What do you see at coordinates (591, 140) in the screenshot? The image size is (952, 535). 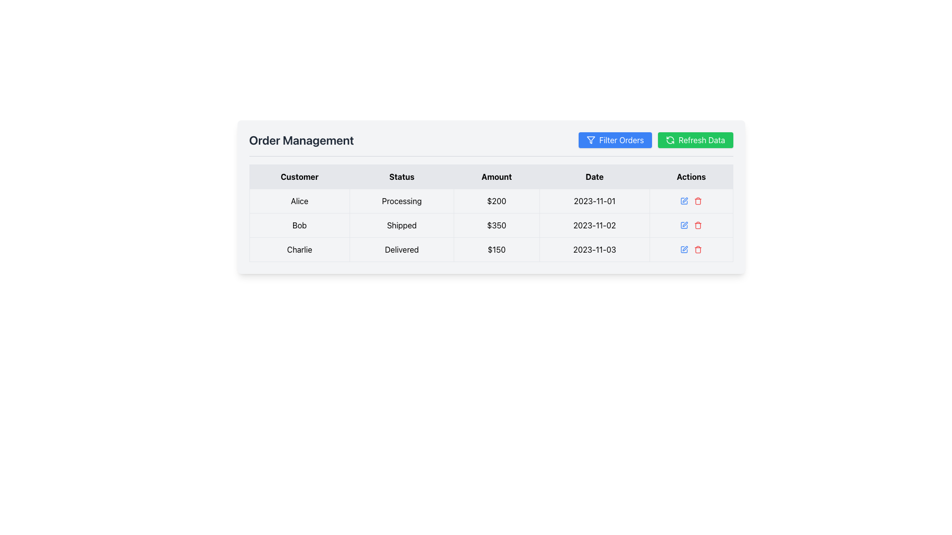 I see `the 'filter' icon associated with the 'Filter Orders' button, located at the top-right above the data table` at bounding box center [591, 140].